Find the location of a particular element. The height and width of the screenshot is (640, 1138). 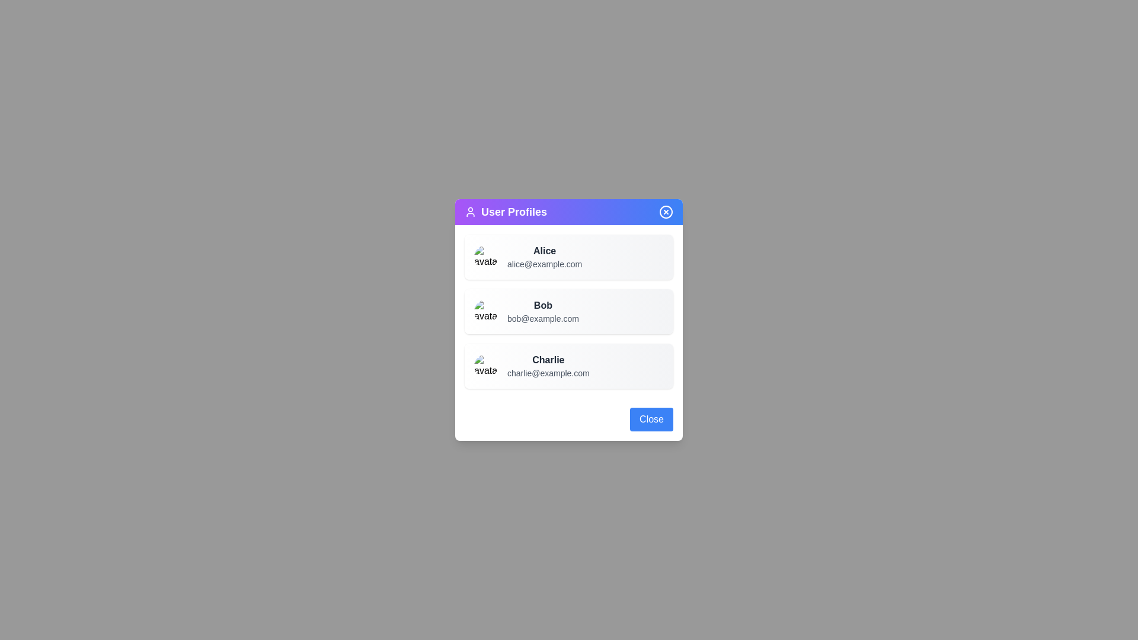

the close button located at the top-right corner of the dialog is located at coordinates (666, 212).